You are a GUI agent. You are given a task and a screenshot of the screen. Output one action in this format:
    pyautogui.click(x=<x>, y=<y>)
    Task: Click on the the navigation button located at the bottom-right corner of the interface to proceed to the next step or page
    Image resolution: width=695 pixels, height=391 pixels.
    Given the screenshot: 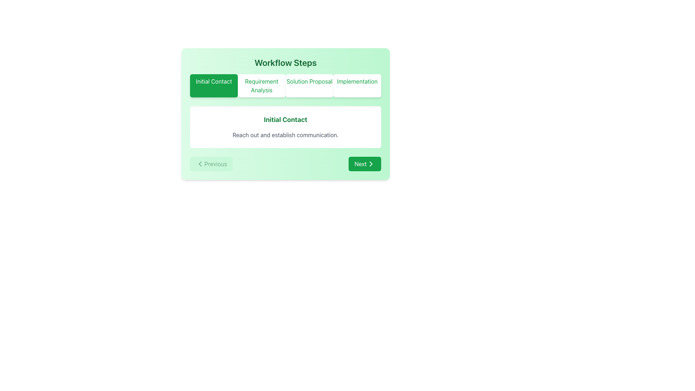 What is the action you would take?
    pyautogui.click(x=365, y=164)
    